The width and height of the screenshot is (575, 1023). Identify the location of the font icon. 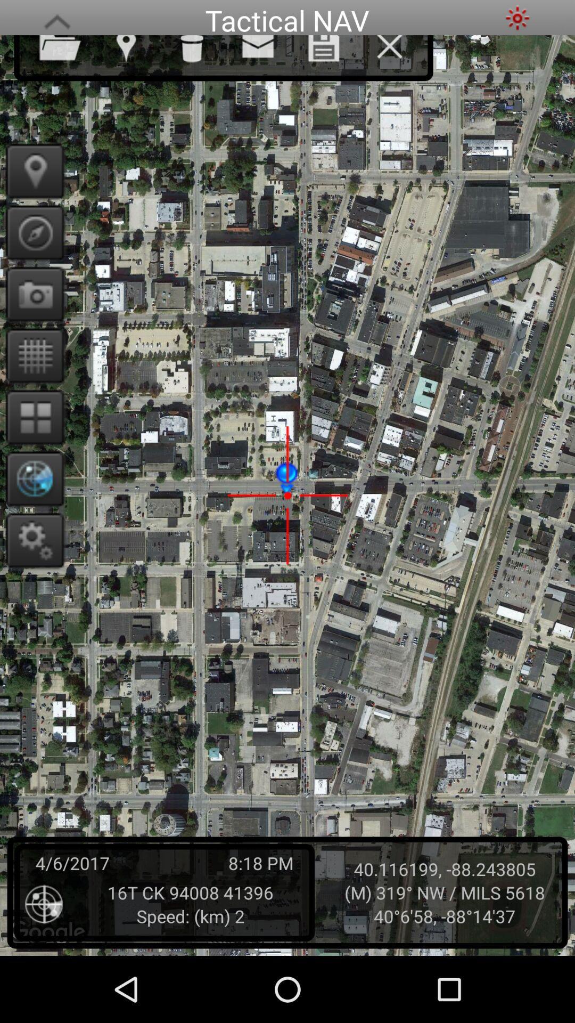
(57, 19).